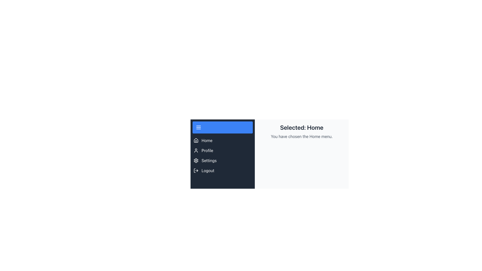 Image resolution: width=482 pixels, height=271 pixels. Describe the element at coordinates (196, 140) in the screenshot. I see `the house icon in the sidebar menu, which is white against a dark blue background and appears to the left of the 'Home' text` at that location.